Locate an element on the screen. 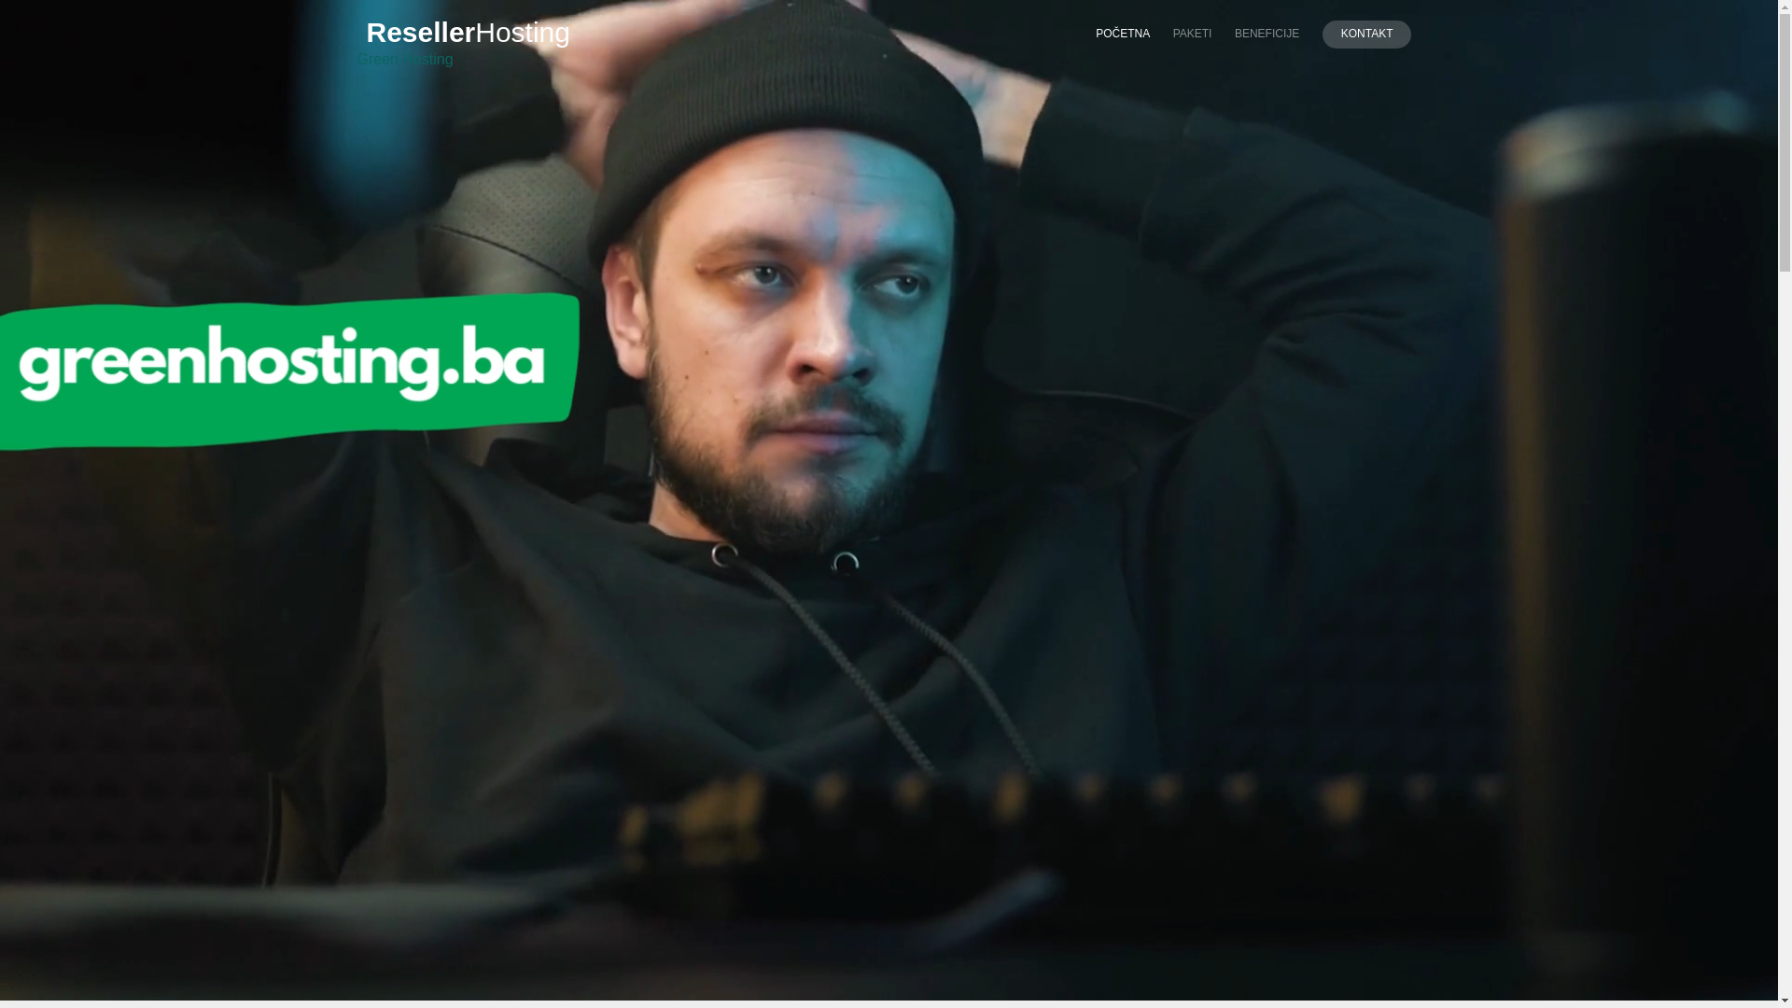 The width and height of the screenshot is (1792, 1008). 'ResellerHosting' is located at coordinates (357, 32).